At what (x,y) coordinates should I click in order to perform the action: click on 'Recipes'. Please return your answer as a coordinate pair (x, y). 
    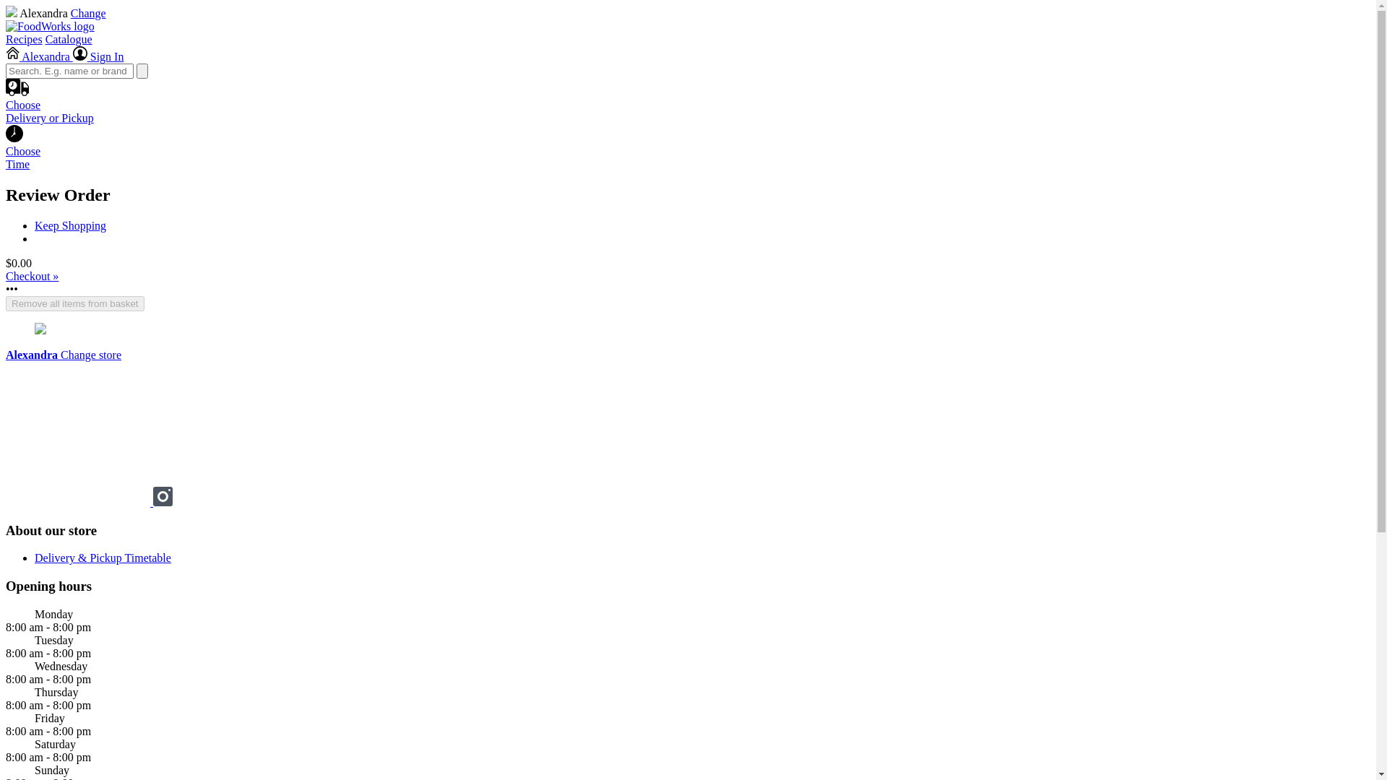
    Looking at the image, I should click on (24, 38).